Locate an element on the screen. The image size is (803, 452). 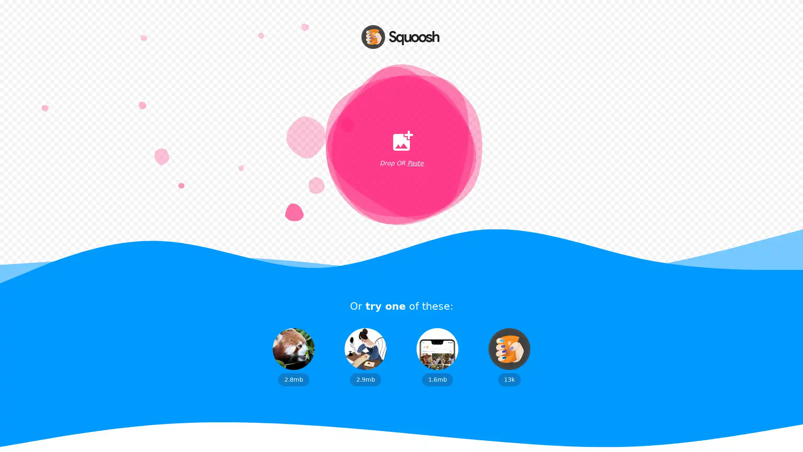
SVG icon 13k is located at coordinates (509, 357).